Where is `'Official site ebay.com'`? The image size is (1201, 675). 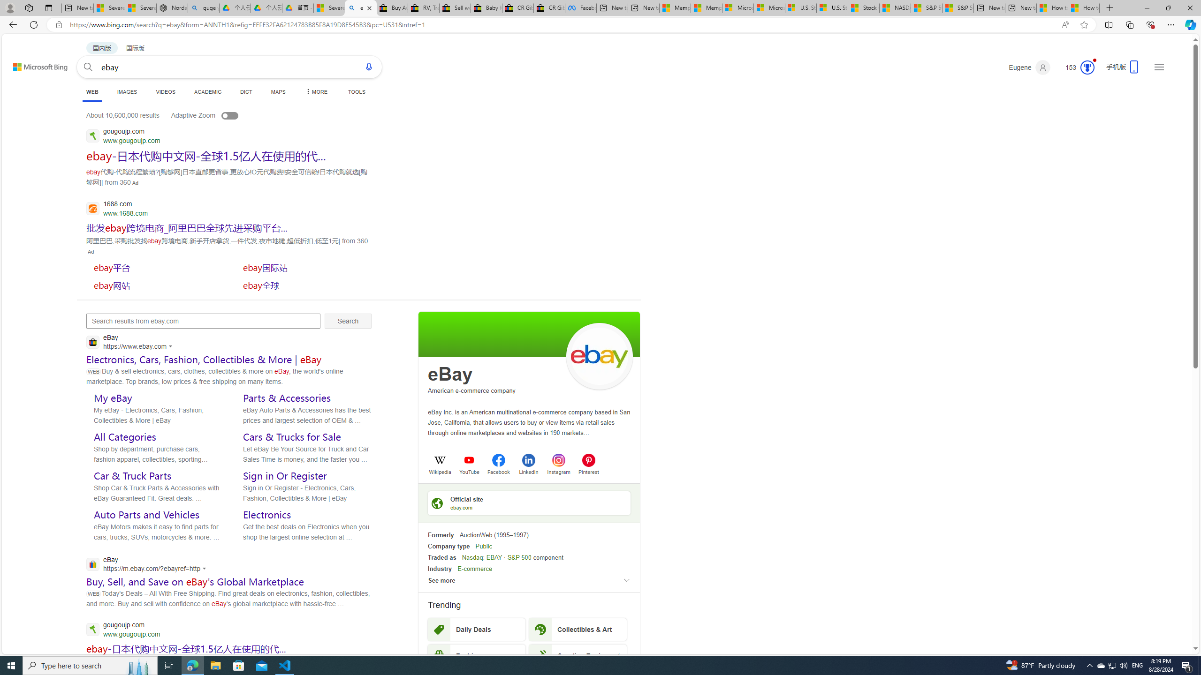
'Official site ebay.com' is located at coordinates (528, 502).